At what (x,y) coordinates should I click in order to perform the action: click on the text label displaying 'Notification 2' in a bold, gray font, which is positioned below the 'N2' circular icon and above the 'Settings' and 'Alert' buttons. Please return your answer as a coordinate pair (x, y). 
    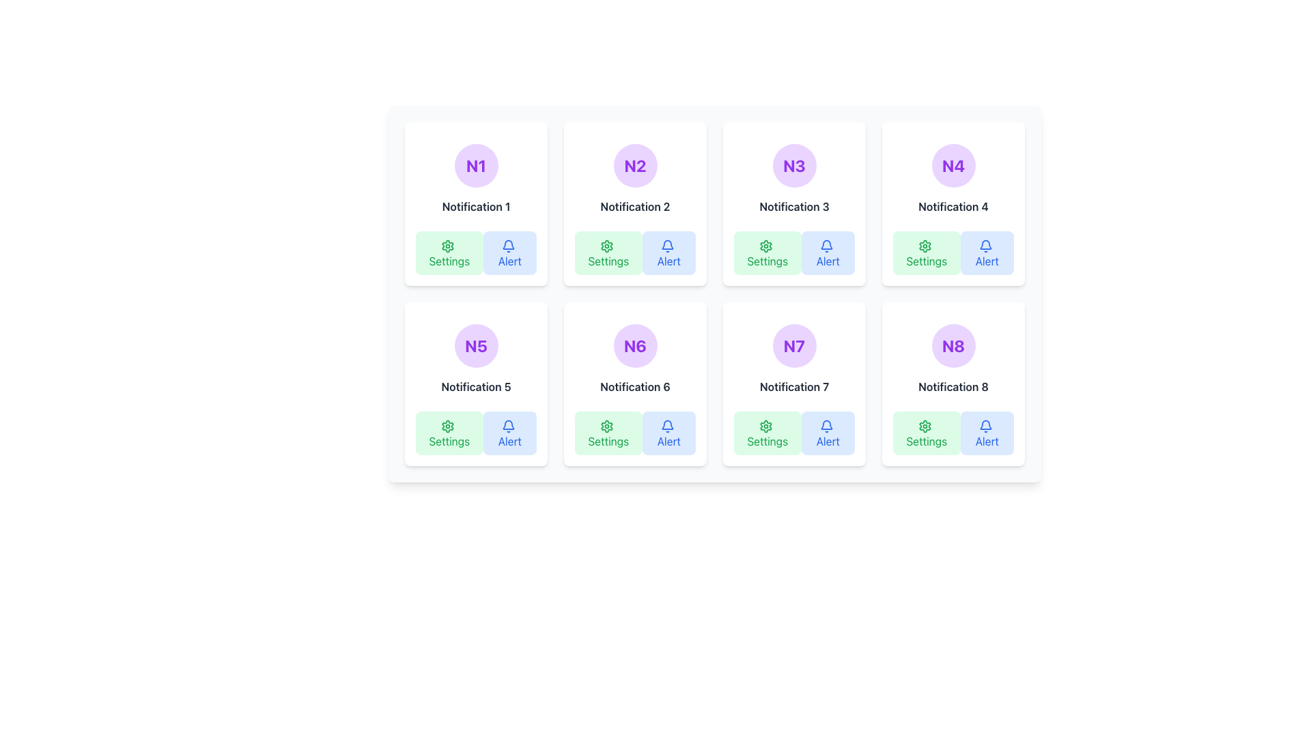
    Looking at the image, I should click on (634, 207).